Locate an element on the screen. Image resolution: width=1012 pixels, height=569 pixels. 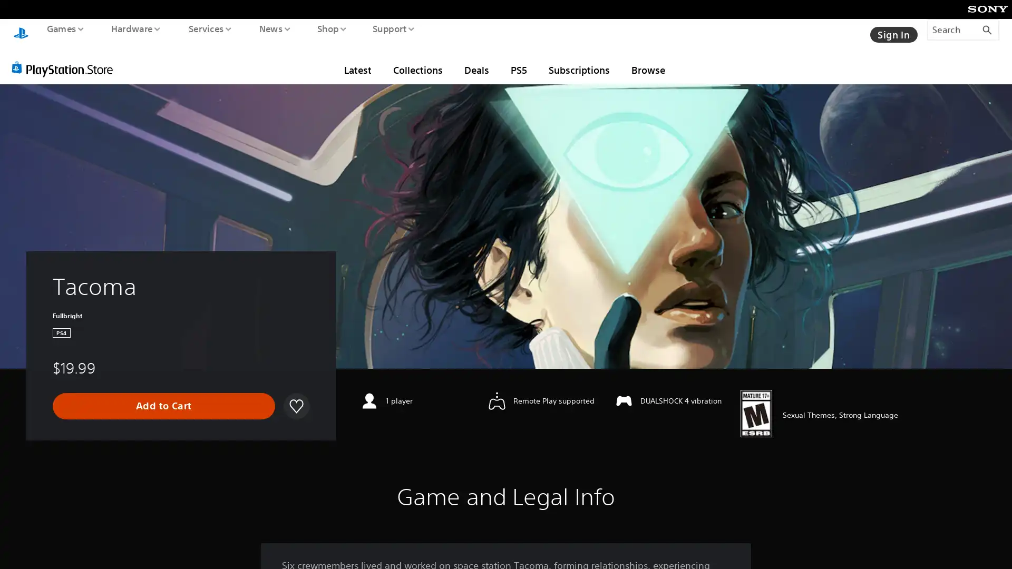
Add to Cart is located at coordinates (163, 396).